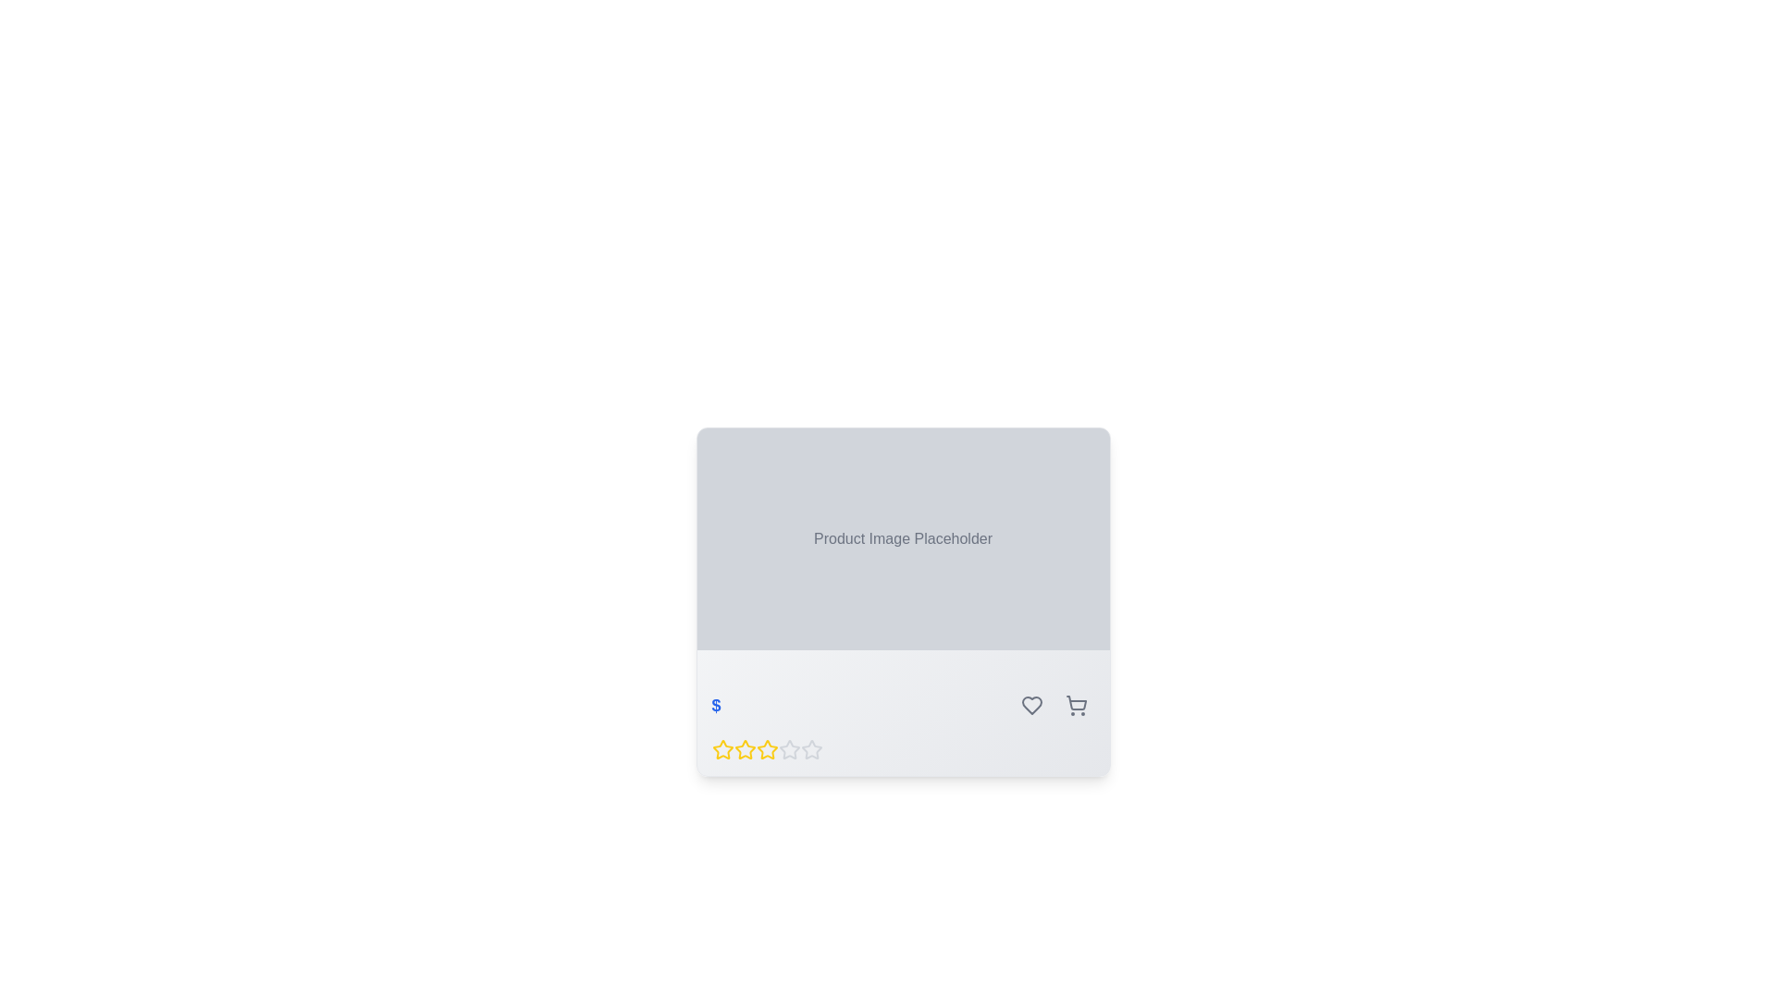 This screenshot has height=999, width=1776. Describe the element at coordinates (1030, 706) in the screenshot. I see `the 'like' or 'favorite' icon located in the bottom-right corner of the card interface to interact with the associated item` at that location.